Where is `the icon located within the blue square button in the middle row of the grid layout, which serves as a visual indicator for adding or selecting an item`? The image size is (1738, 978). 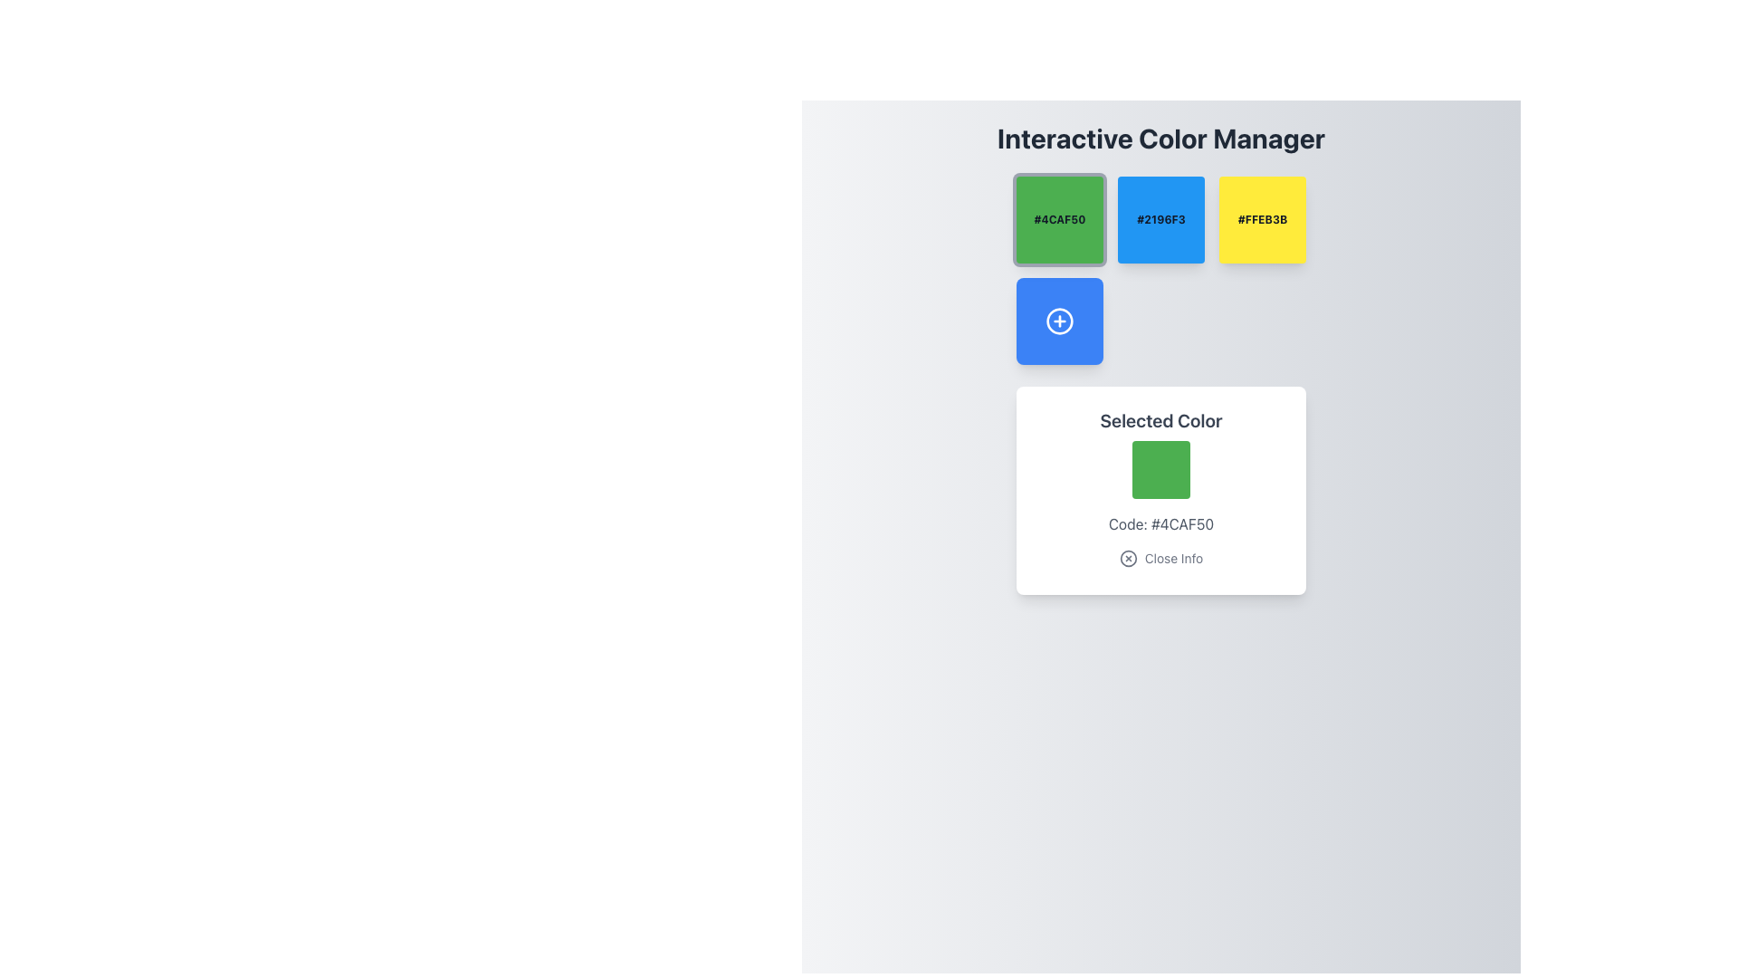 the icon located within the blue square button in the middle row of the grid layout, which serves as a visual indicator for adding or selecting an item is located at coordinates (1060, 320).